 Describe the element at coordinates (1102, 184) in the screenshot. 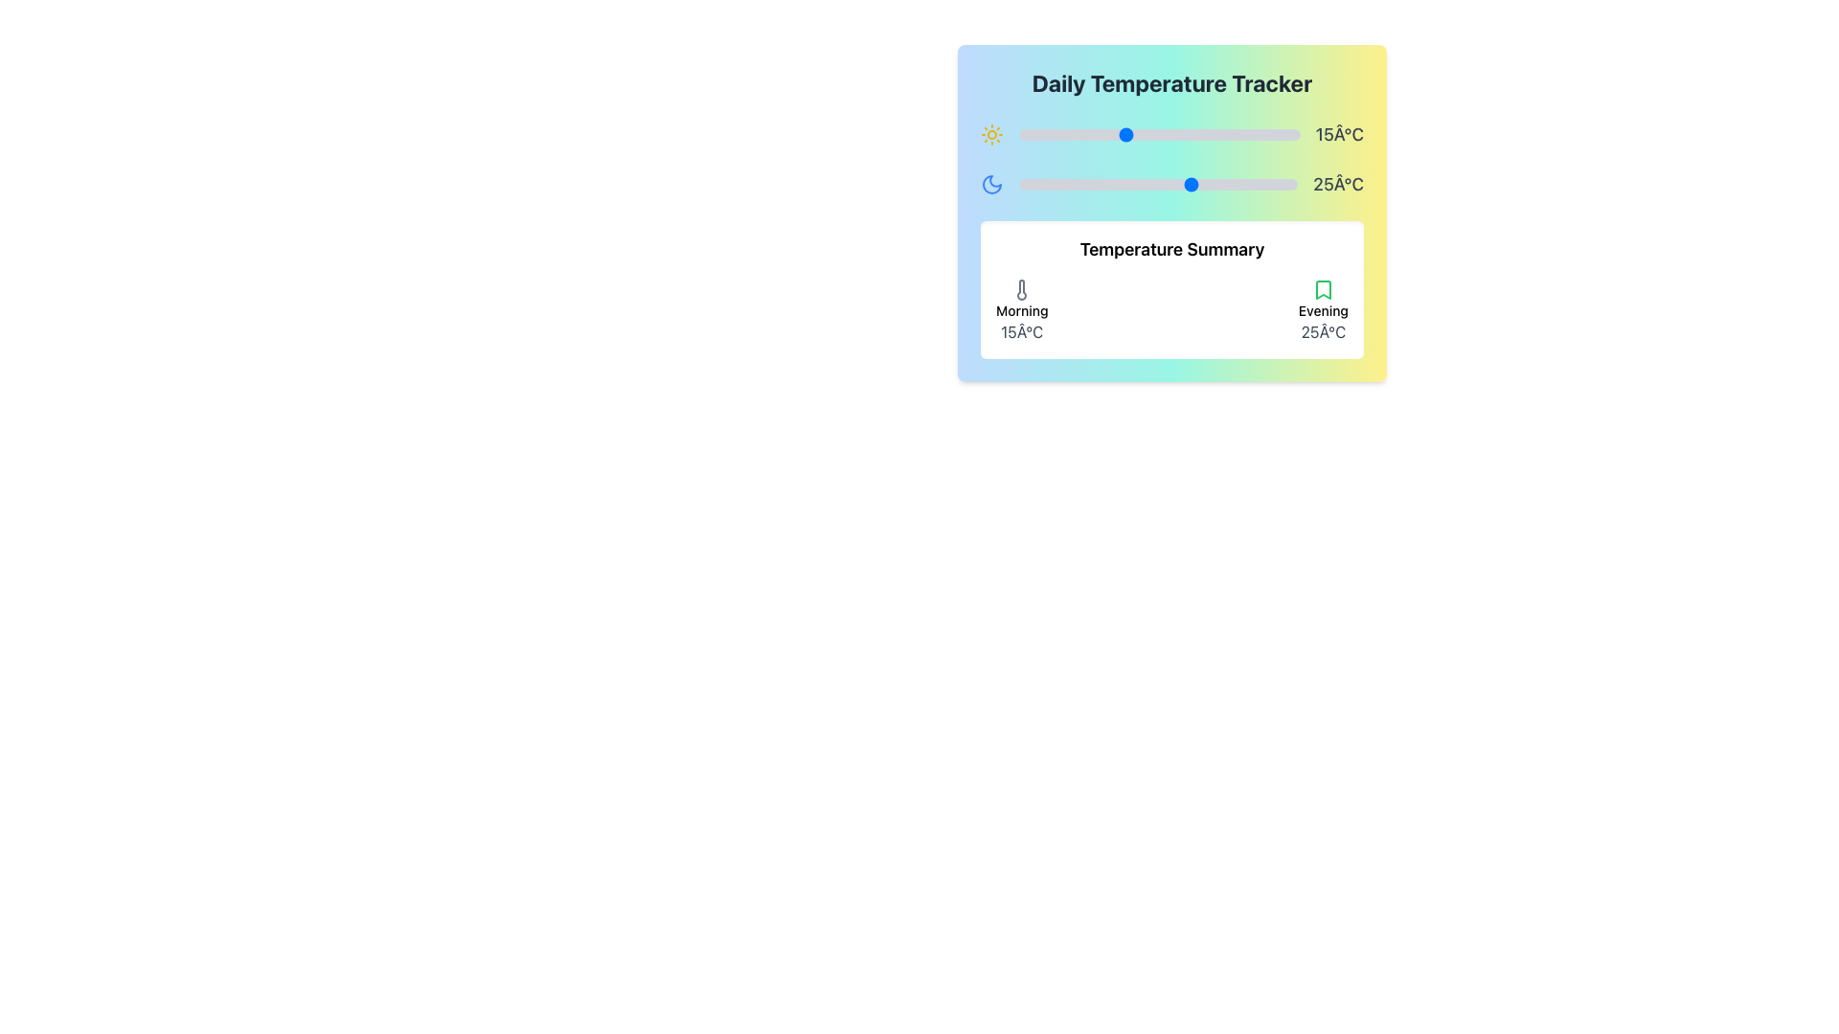

I see `the slider value` at that location.